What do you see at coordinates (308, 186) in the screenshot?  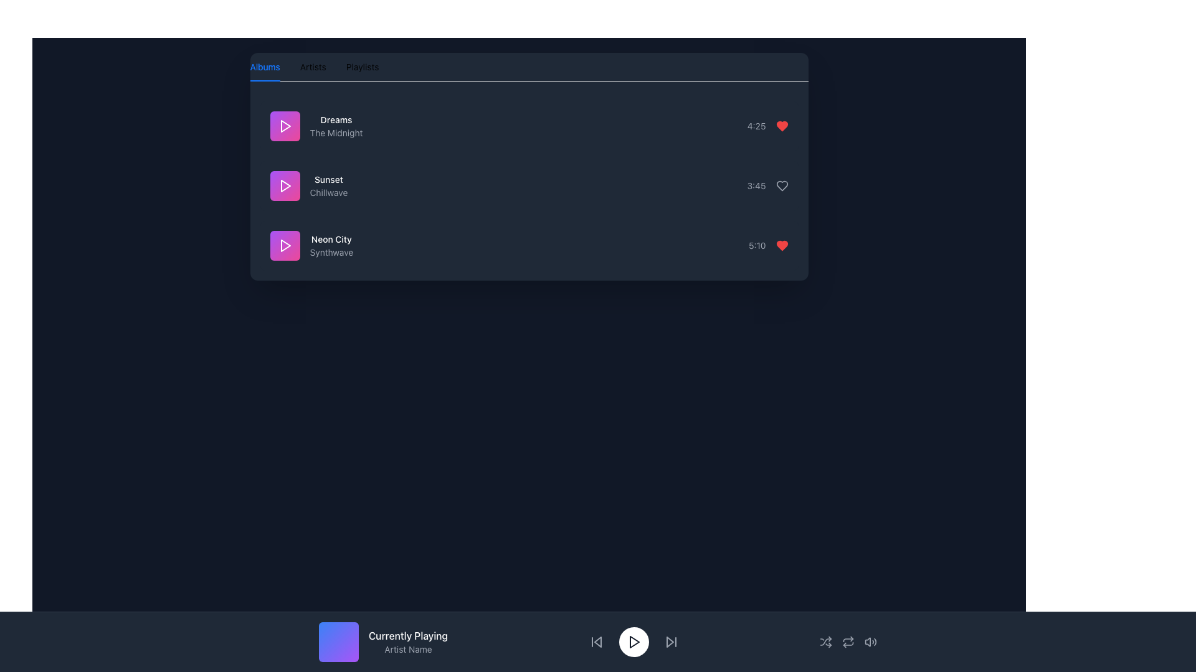 I see `to select the second music track in the playlist, located below 'Dreams' and above 'Neon City'` at bounding box center [308, 186].